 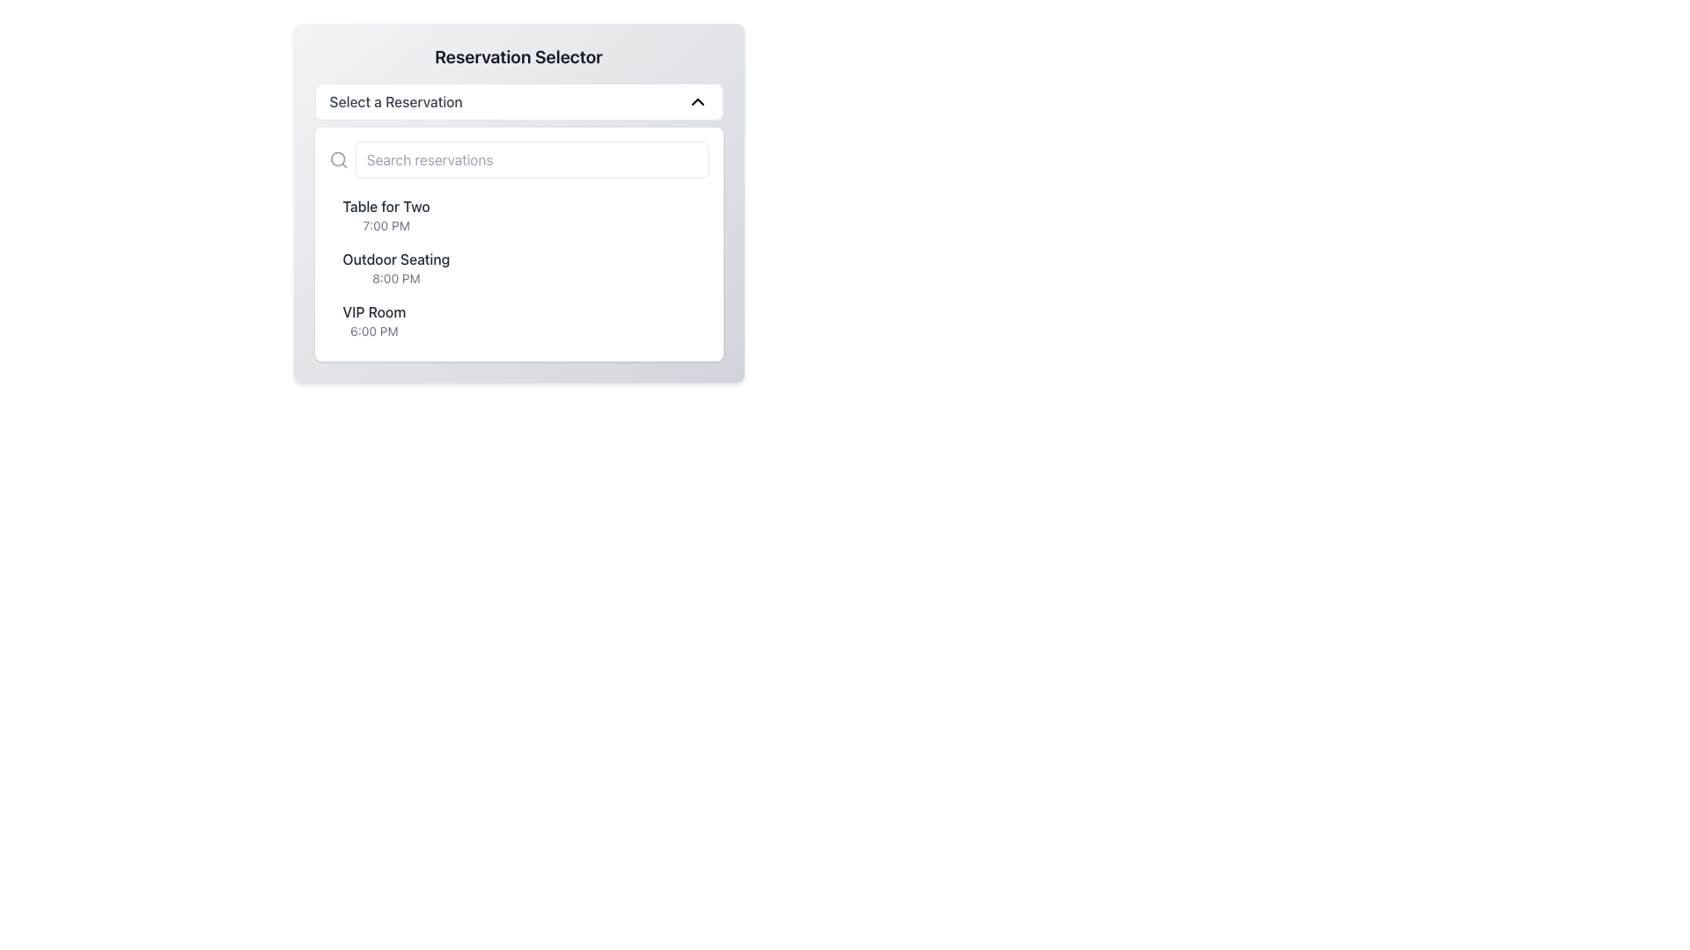 What do you see at coordinates (518, 202) in the screenshot?
I see `a reservation option from the Reservation Selector modal, which features a dropdown-triggering button labeled 'Select a Reservation'` at bounding box center [518, 202].